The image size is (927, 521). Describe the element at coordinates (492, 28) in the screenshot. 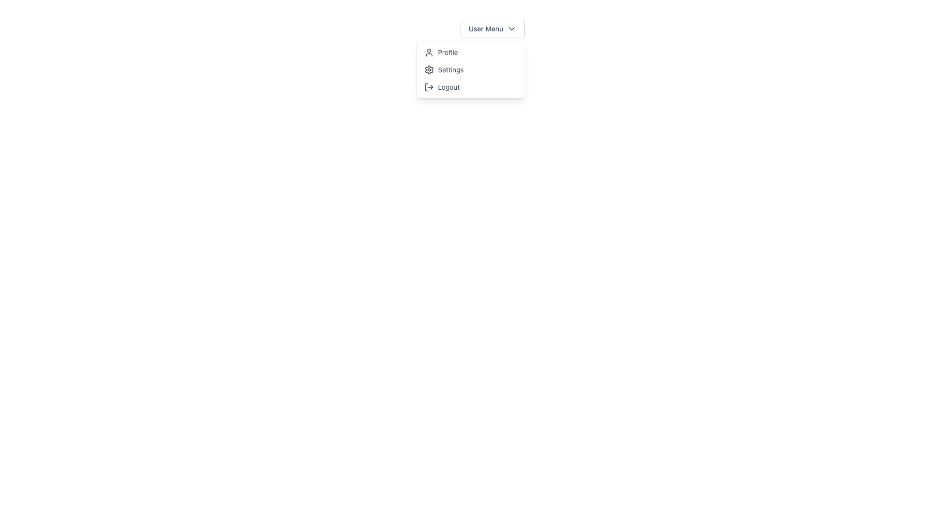

I see `the 'User Menu' dropdown toggle button` at that location.